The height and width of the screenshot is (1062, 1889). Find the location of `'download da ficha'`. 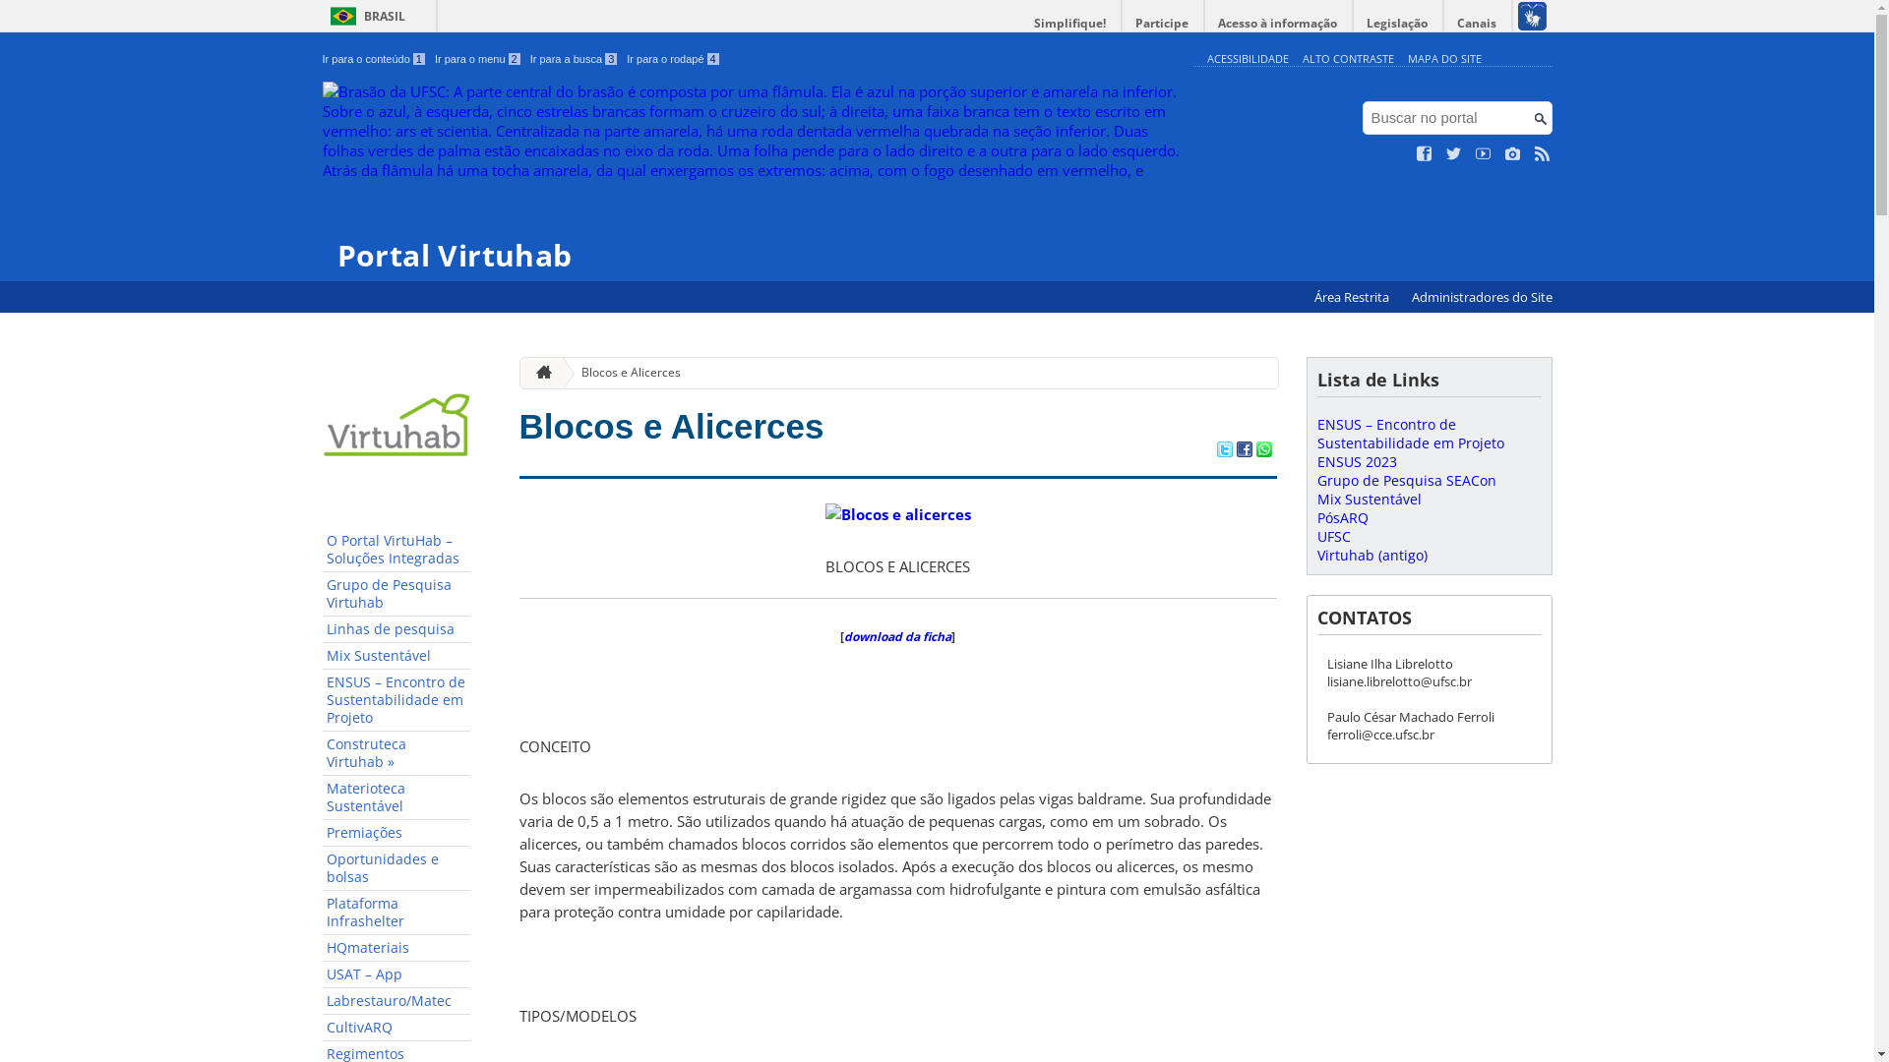

'download da ficha' is located at coordinates (844, 636).